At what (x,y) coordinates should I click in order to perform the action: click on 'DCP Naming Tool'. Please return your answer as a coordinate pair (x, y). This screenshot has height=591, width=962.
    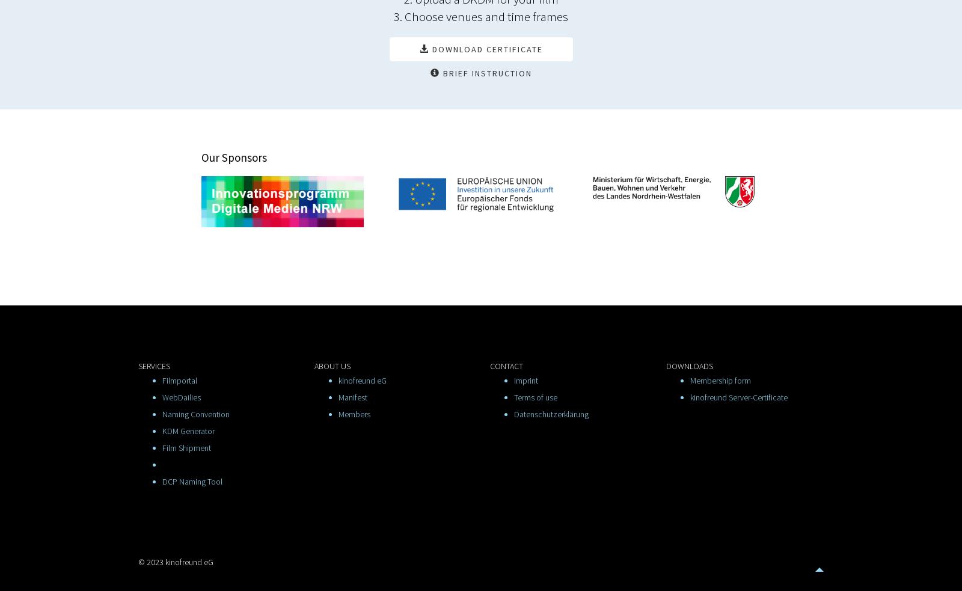
    Looking at the image, I should click on (192, 481).